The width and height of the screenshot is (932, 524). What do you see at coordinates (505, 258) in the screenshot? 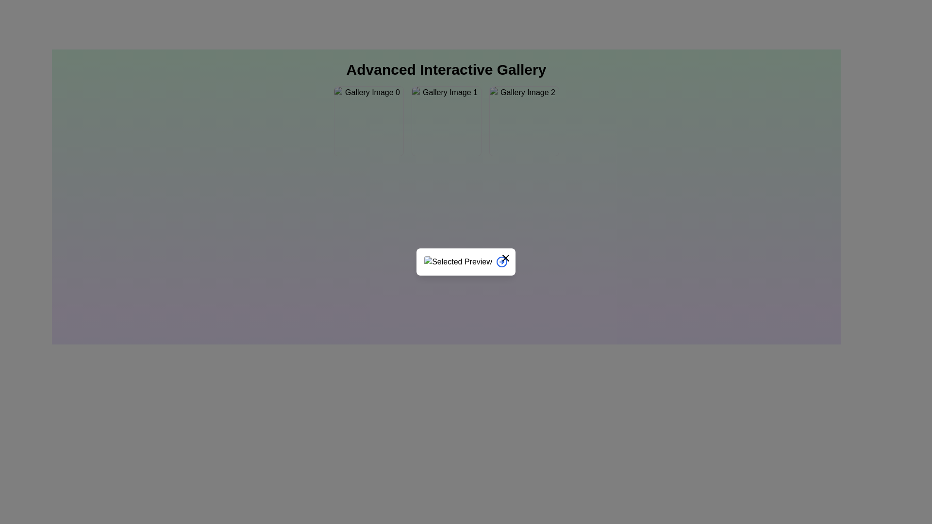
I see `the Close or Delete icon located at the top right corner of the 'Selected Preview' box` at bounding box center [505, 258].